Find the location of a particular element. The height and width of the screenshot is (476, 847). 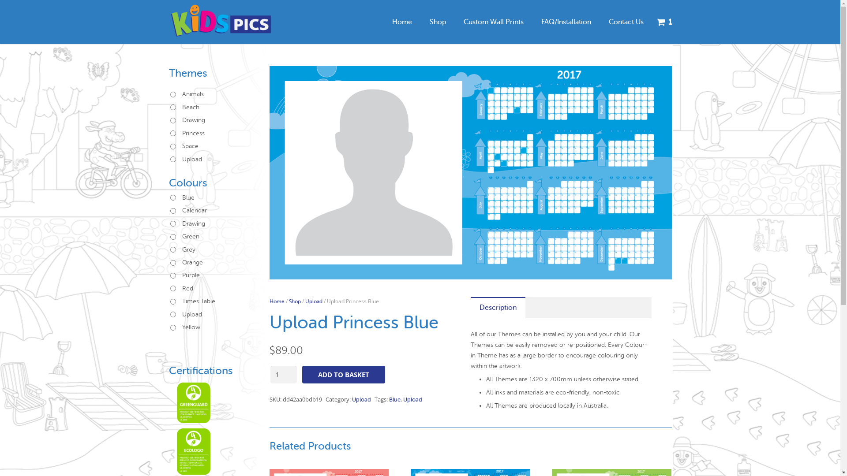

'Blue' is located at coordinates (394, 399).